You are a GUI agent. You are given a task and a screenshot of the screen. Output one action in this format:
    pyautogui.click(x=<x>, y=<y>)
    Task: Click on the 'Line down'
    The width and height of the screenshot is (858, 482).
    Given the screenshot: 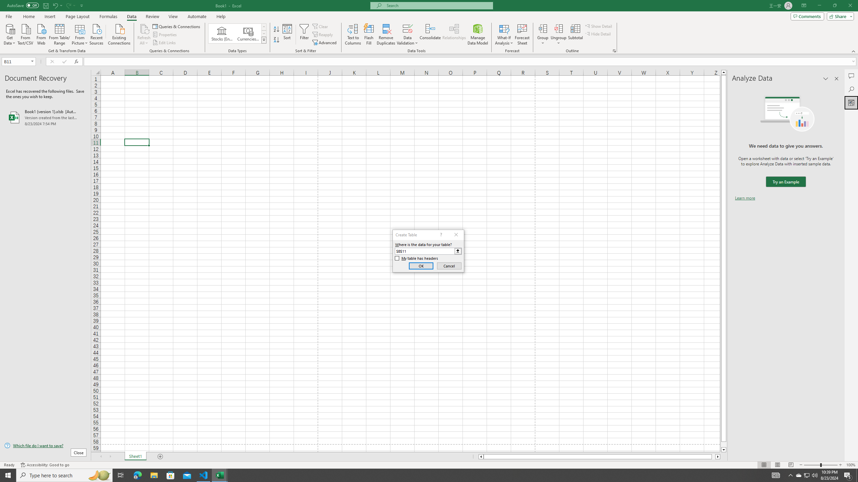 What is the action you would take?
    pyautogui.click(x=724, y=450)
    